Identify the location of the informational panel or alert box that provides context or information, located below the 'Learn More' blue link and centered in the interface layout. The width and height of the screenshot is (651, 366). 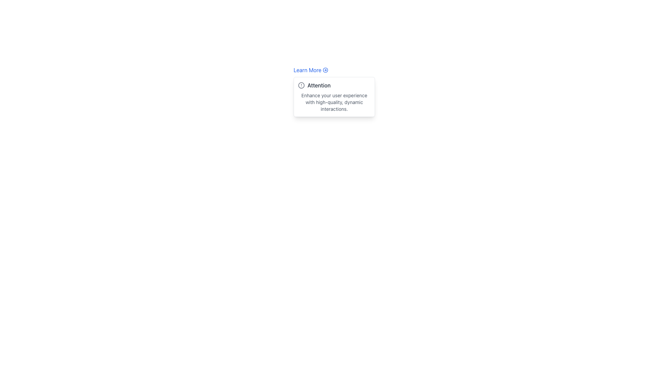
(334, 97).